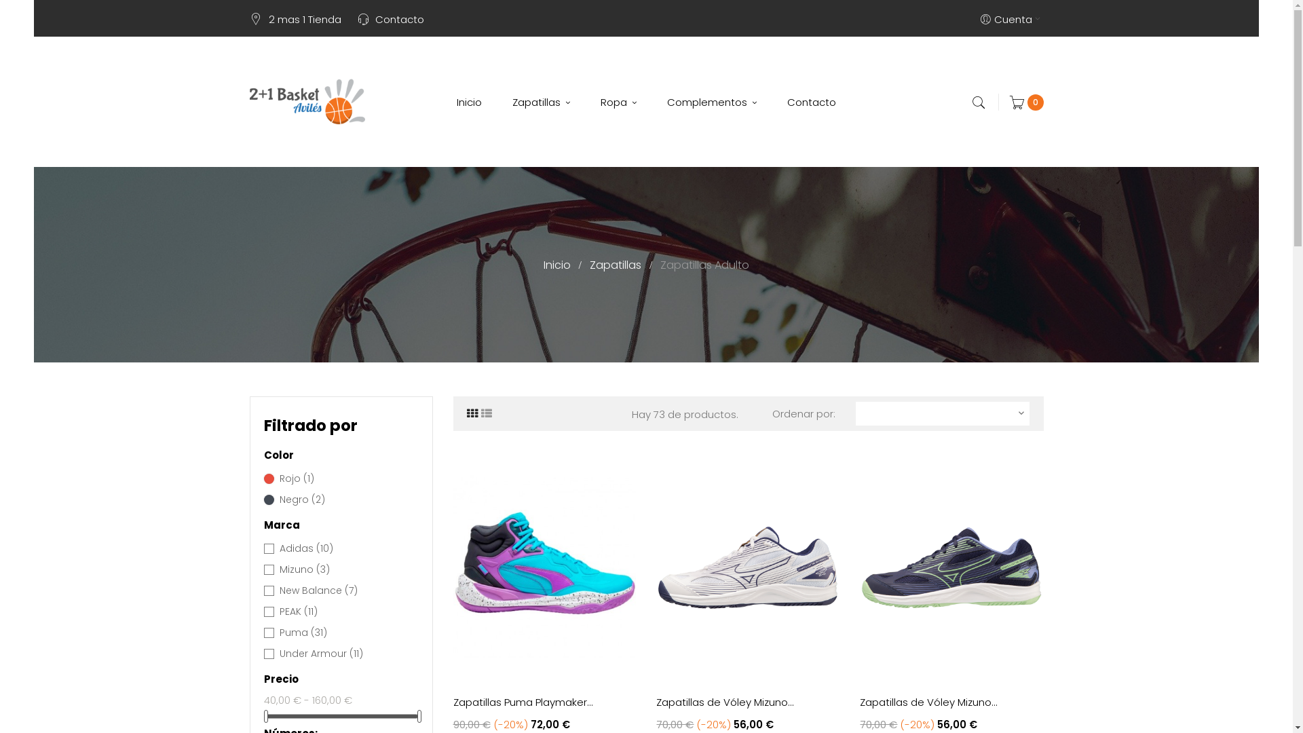 The height and width of the screenshot is (733, 1303). I want to click on 'Inicio', so click(558, 265).